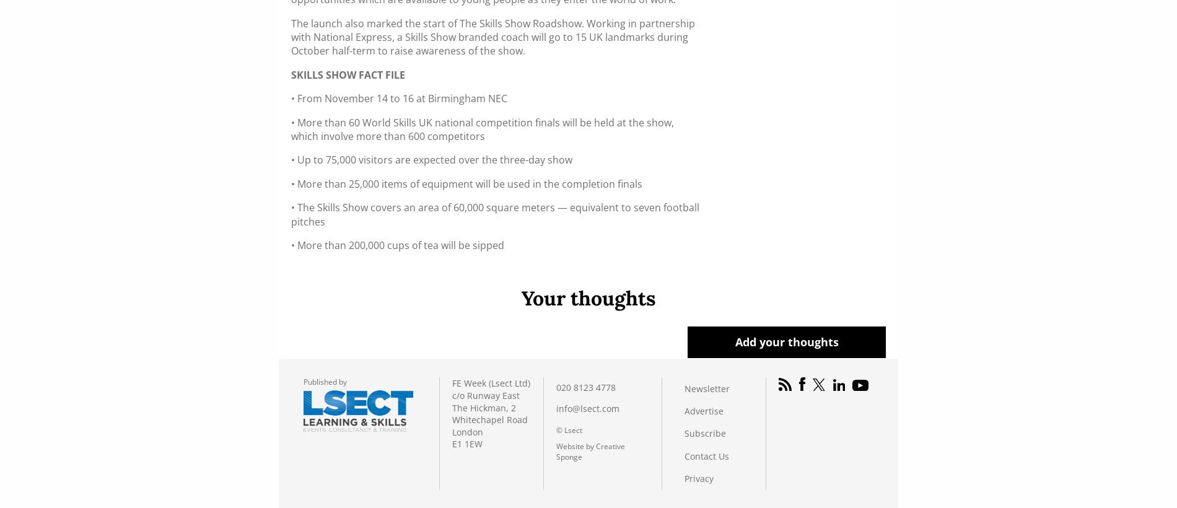  Describe the element at coordinates (466, 444) in the screenshot. I see `'E1 1EW'` at that location.